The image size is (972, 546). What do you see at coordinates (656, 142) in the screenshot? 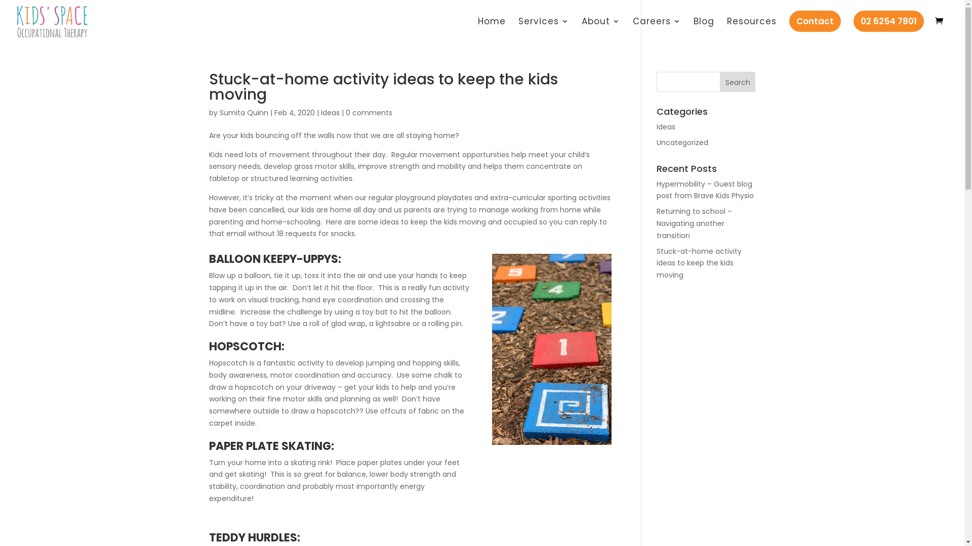
I see `'Uncategorized'` at bounding box center [656, 142].